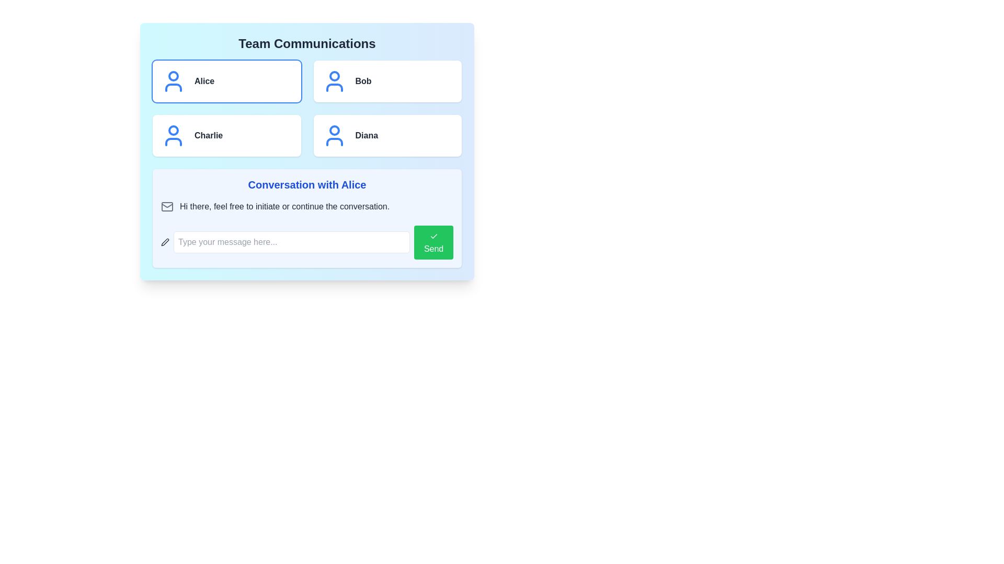 The width and height of the screenshot is (1004, 564). Describe the element at coordinates (334, 76) in the screenshot. I see `the circular graphical element representing the head of user 'Bob' in the upper-right cell of the grid below 'Team Communications.'` at that location.